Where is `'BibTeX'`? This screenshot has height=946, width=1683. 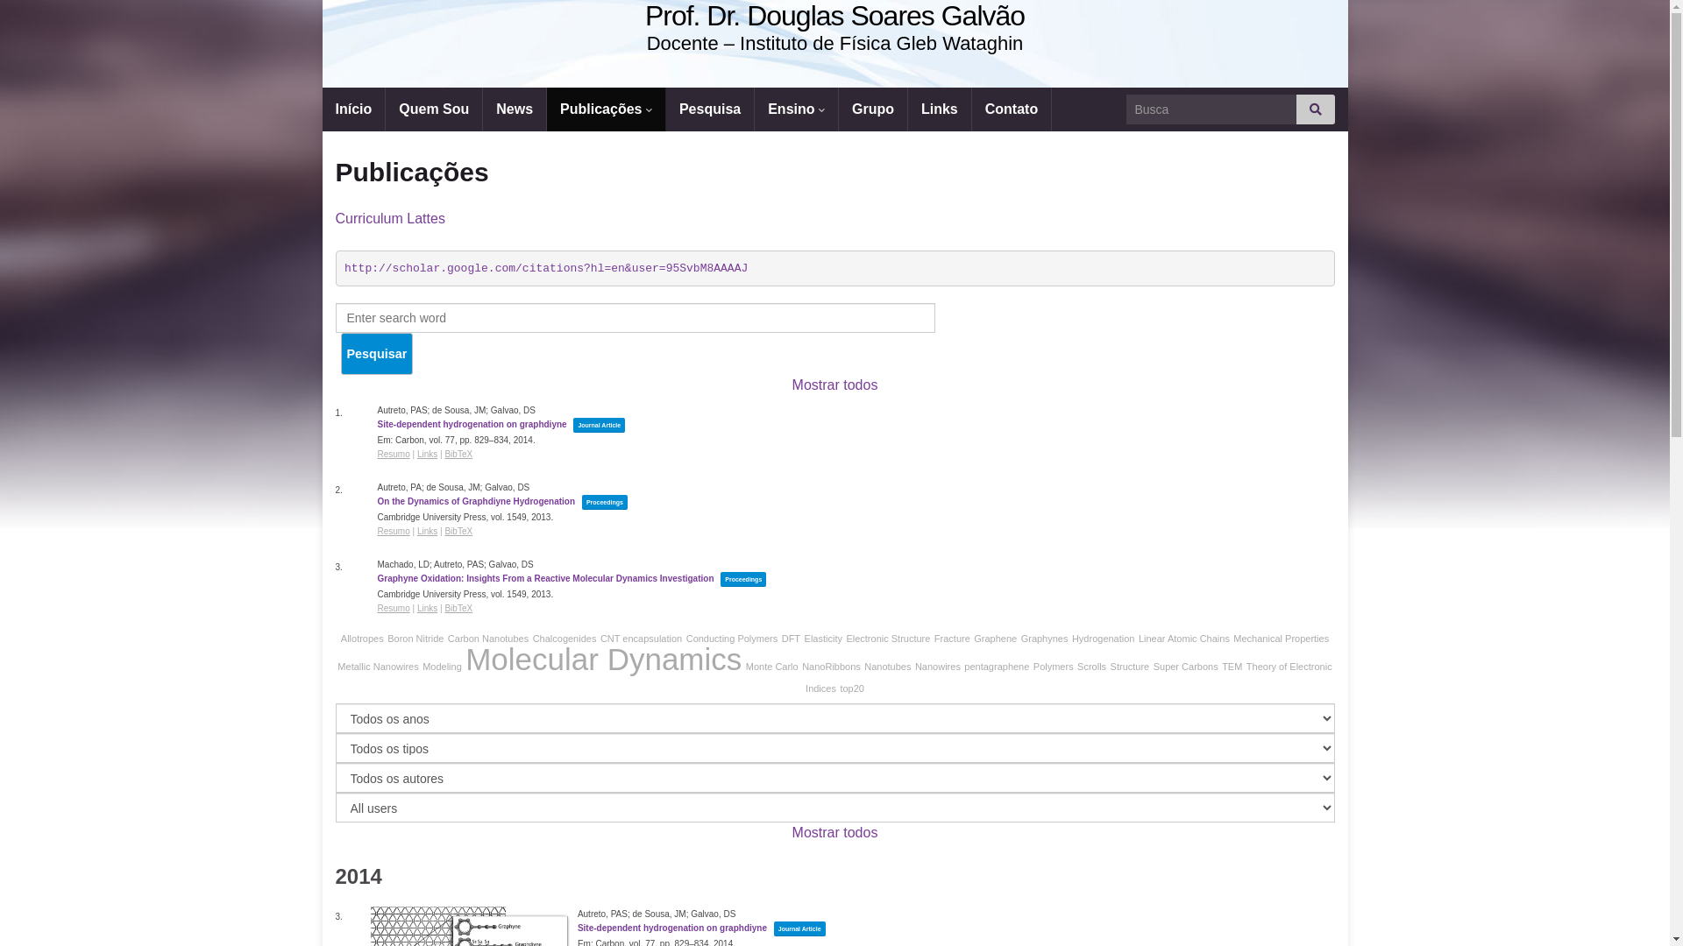
'BibTeX' is located at coordinates (458, 453).